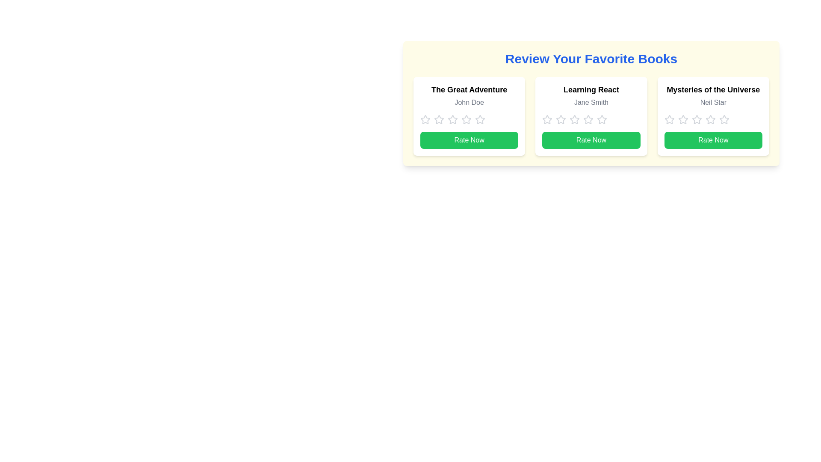 This screenshot has height=462, width=821. What do you see at coordinates (669, 119) in the screenshot?
I see `the first star icon in the rating system for the book 'Mysteries of the Universe' to give a 1-star rating` at bounding box center [669, 119].